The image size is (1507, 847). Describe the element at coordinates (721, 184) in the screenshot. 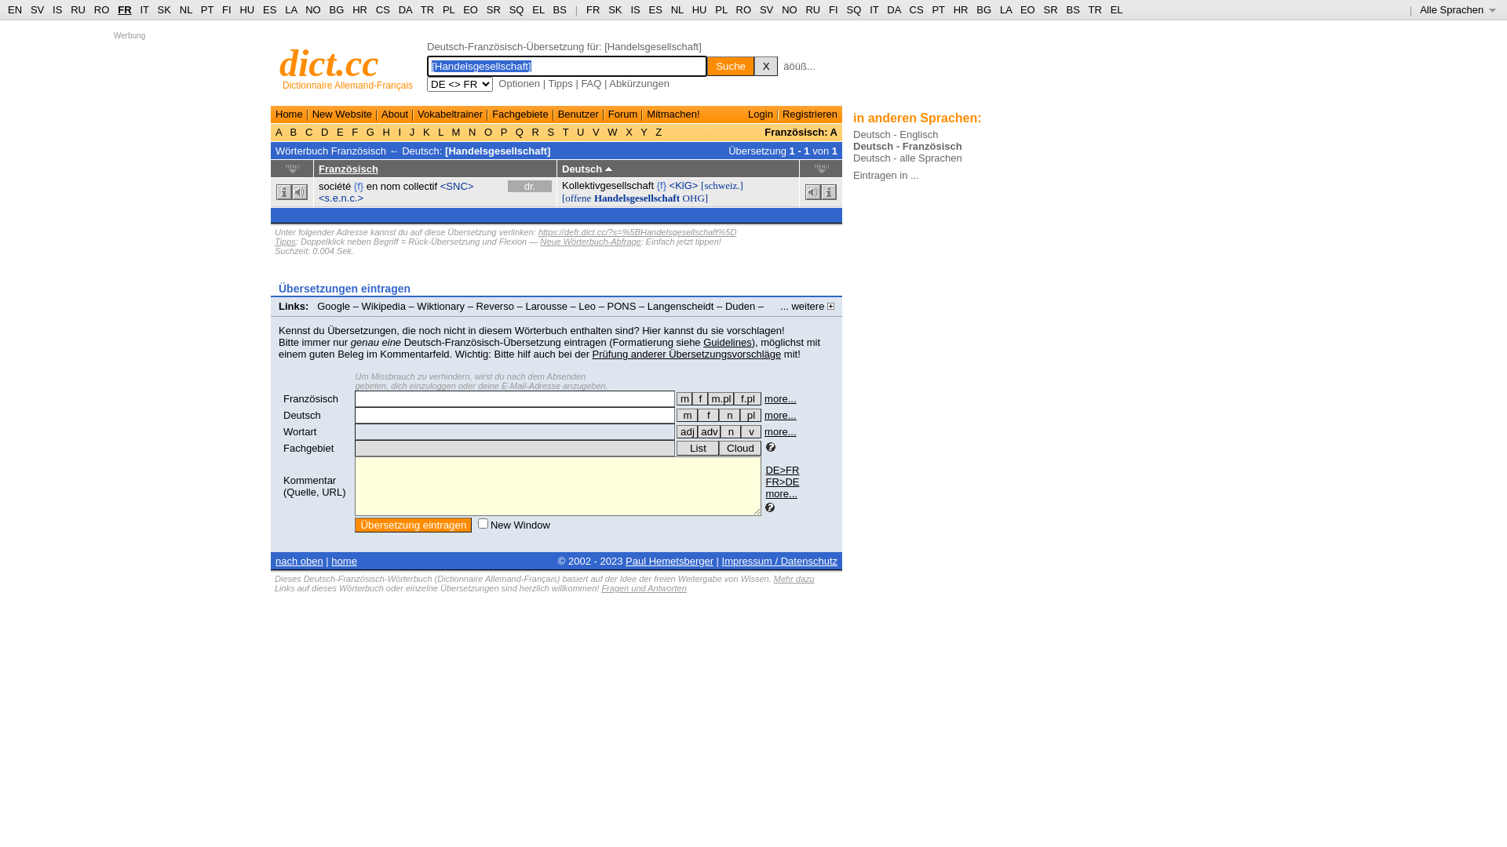

I see `'[schweiz.]'` at that location.